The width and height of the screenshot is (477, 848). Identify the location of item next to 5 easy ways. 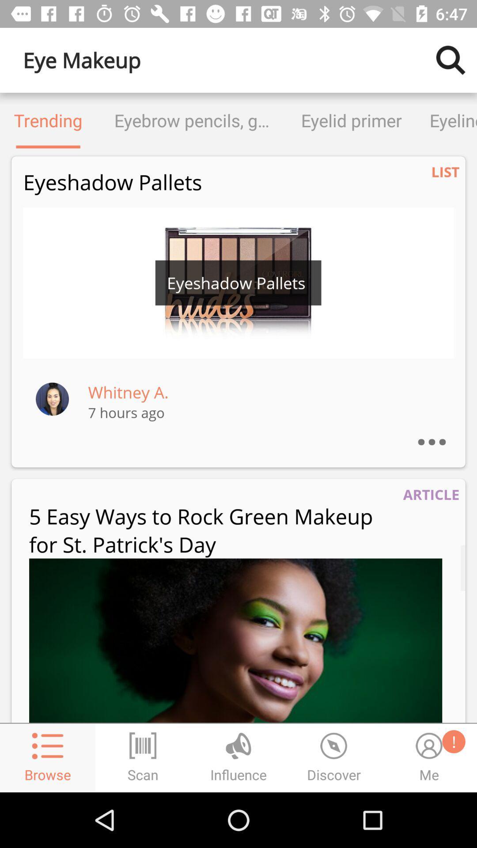
(431, 494).